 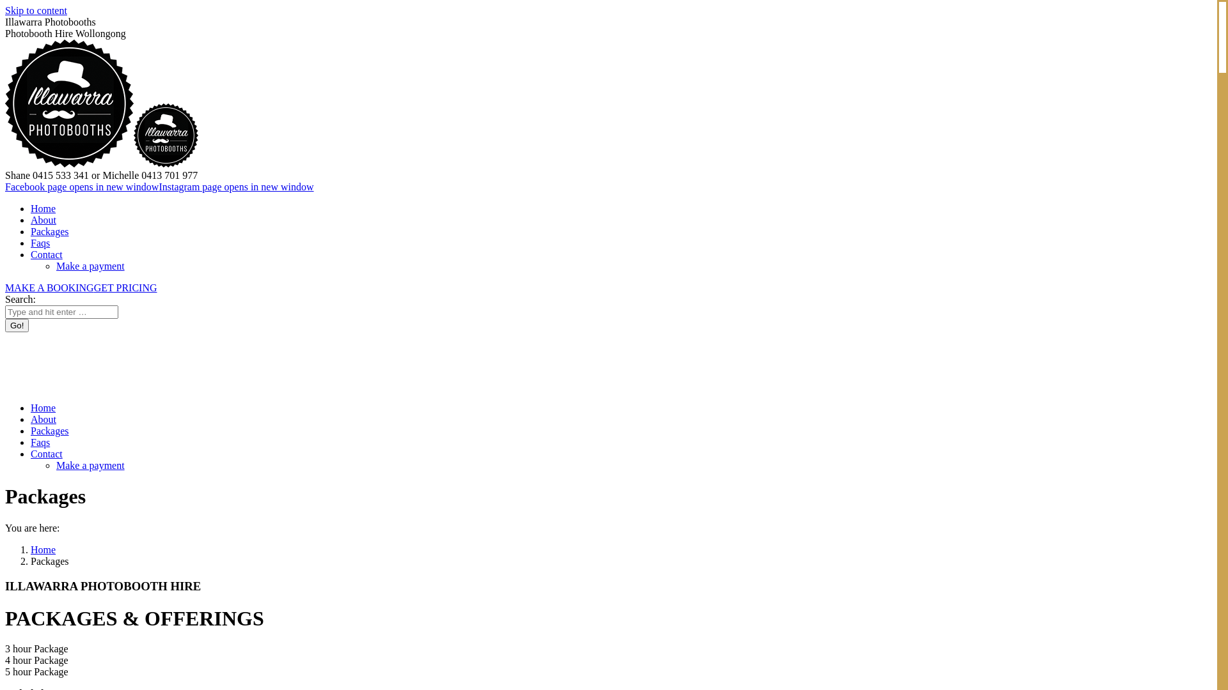 I want to click on 'About', so click(x=43, y=219).